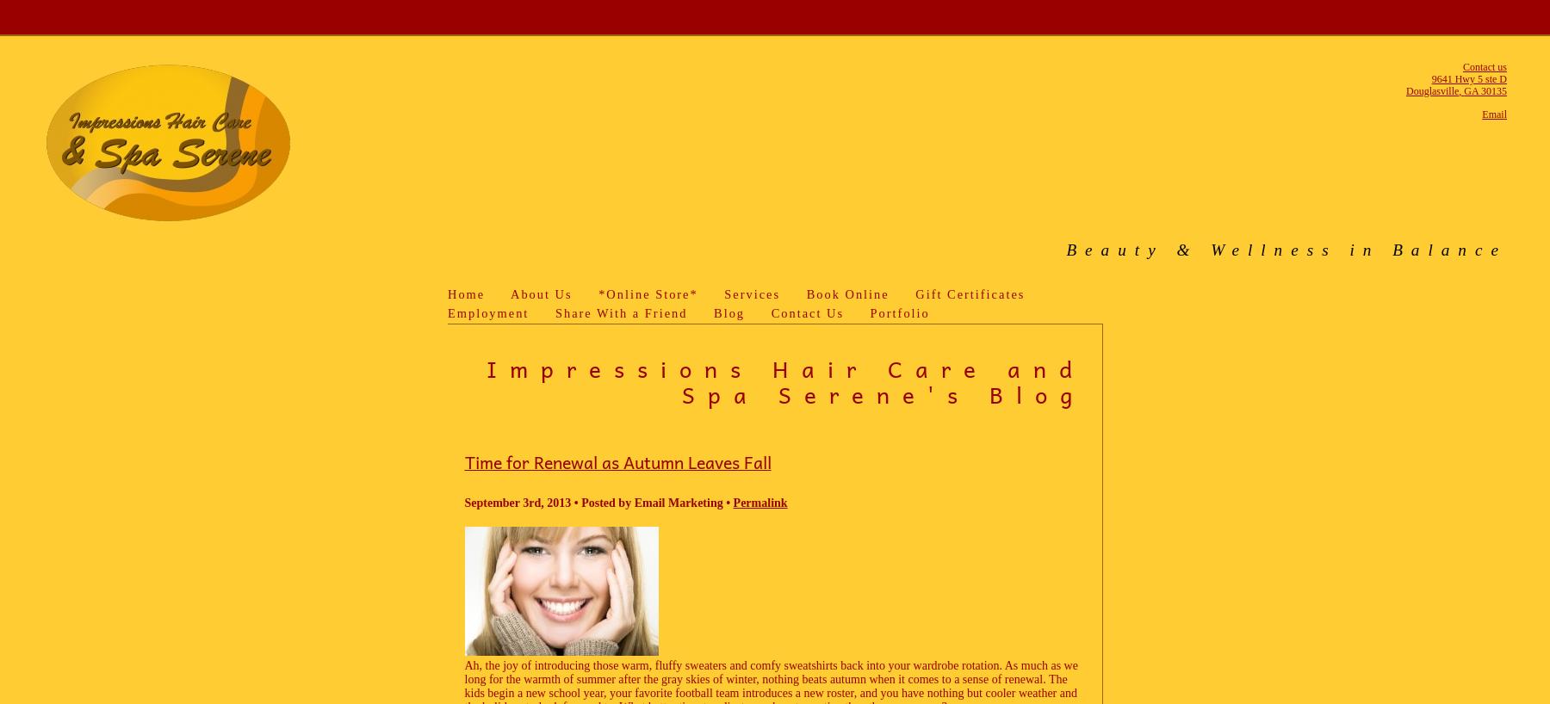 Image resolution: width=1550 pixels, height=704 pixels. What do you see at coordinates (488, 313) in the screenshot?
I see `'Employment'` at bounding box center [488, 313].